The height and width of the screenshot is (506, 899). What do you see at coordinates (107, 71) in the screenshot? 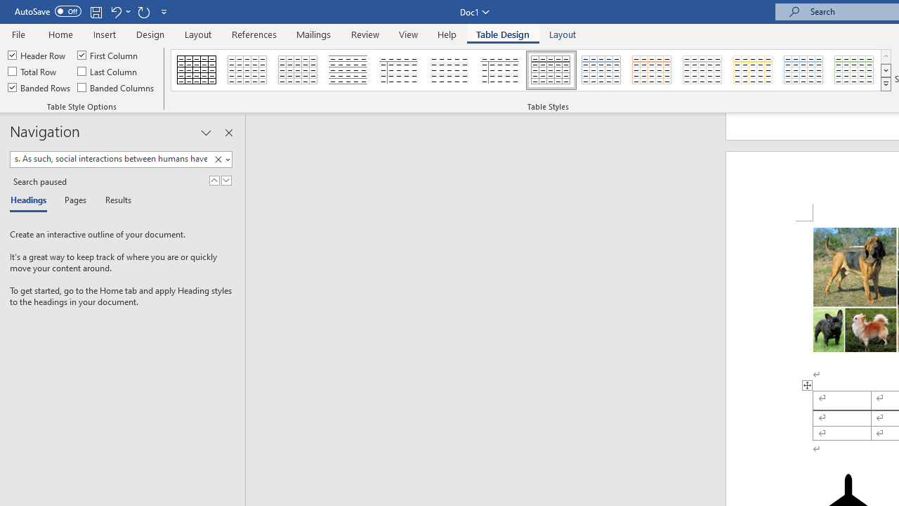
I see `'Last Column'` at bounding box center [107, 71].